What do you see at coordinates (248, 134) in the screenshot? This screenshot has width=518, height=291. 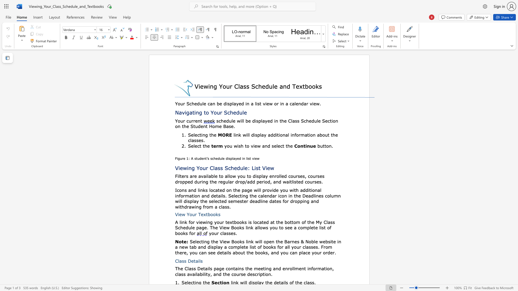 I see `the subset text "l disp" within the text "link will display"` at bounding box center [248, 134].